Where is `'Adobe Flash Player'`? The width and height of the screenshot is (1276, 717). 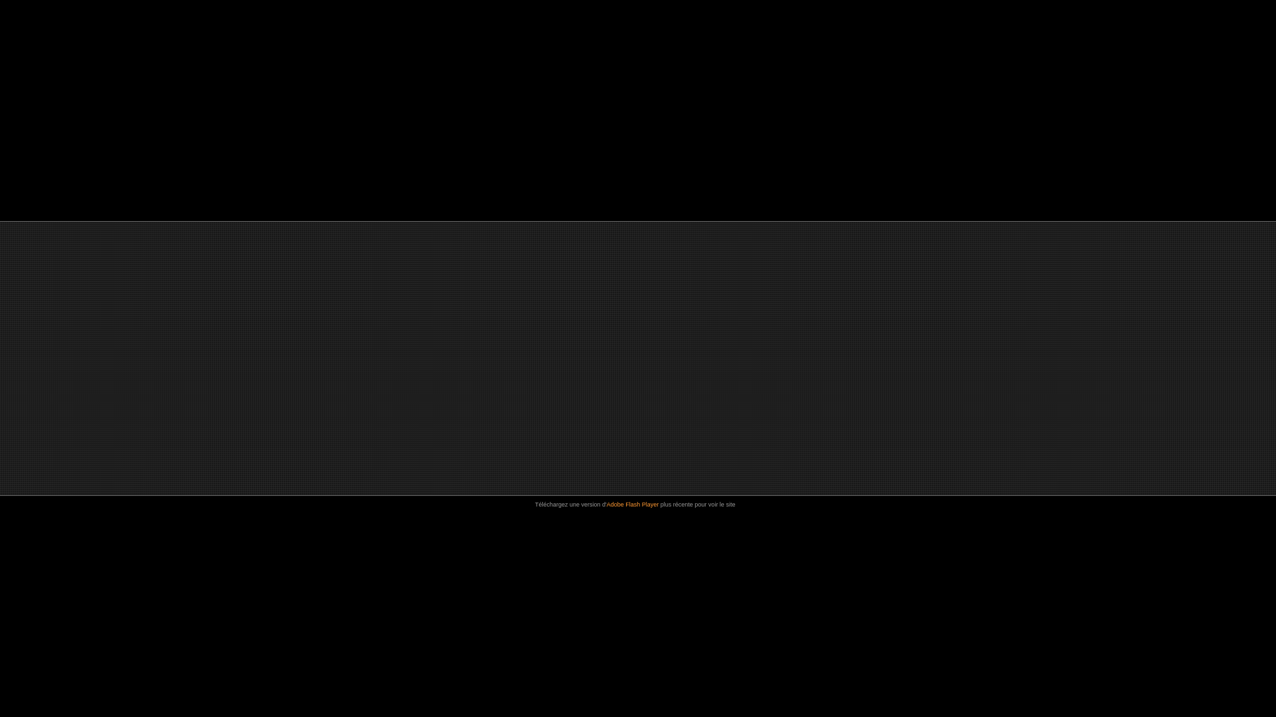 'Adobe Flash Player' is located at coordinates (633, 504).